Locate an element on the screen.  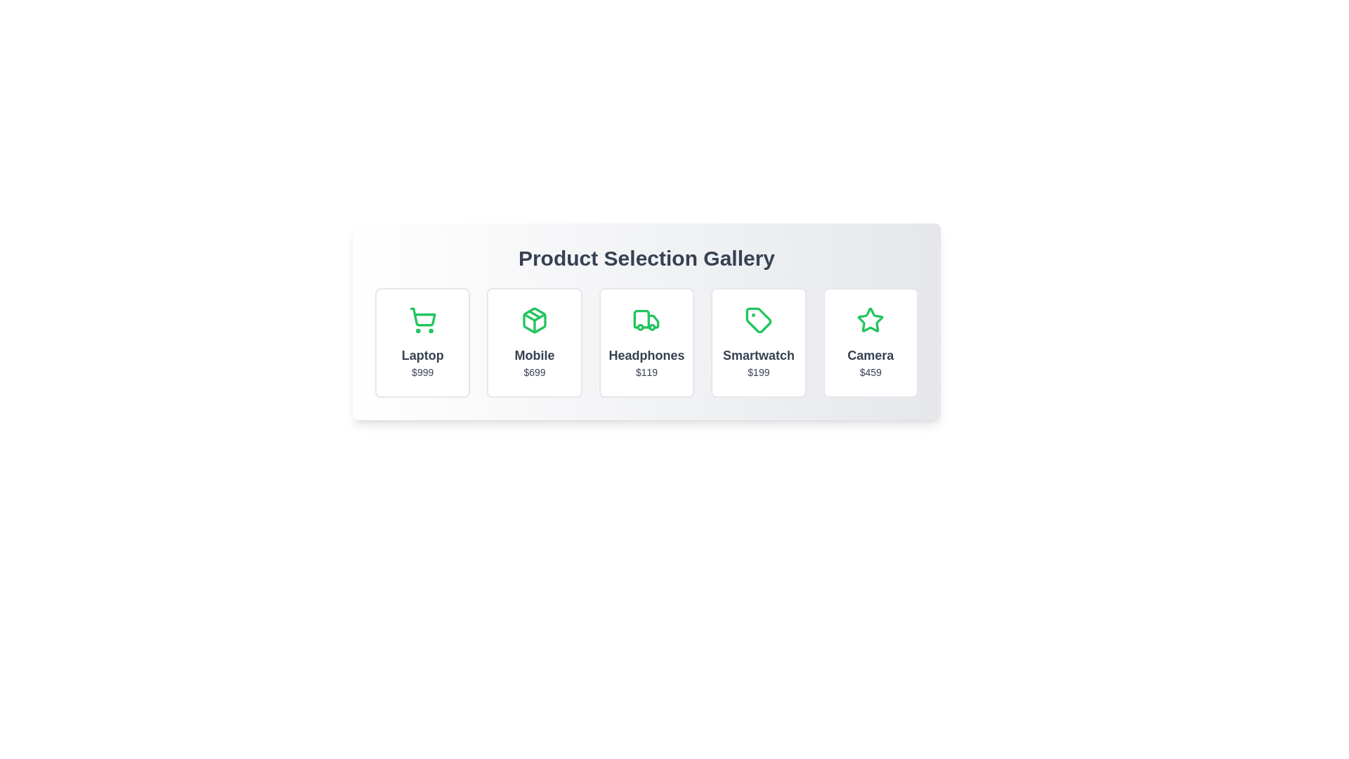
the first Interactive card for the 'Laptop' product in the selection gallery is located at coordinates (422, 343).